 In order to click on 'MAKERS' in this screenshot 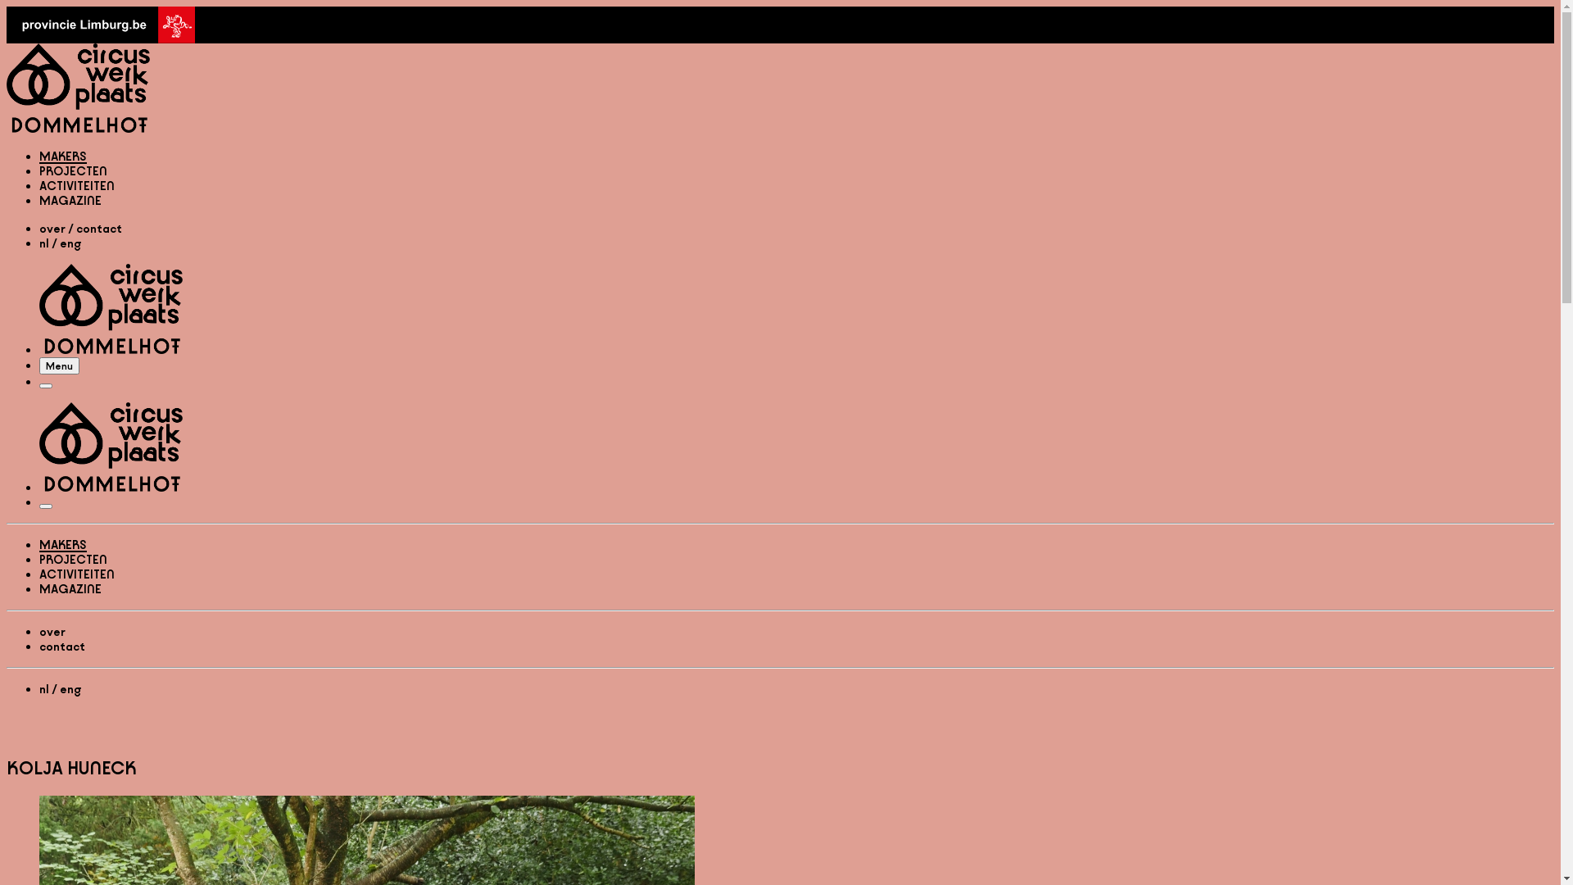, I will do `click(62, 156)`.